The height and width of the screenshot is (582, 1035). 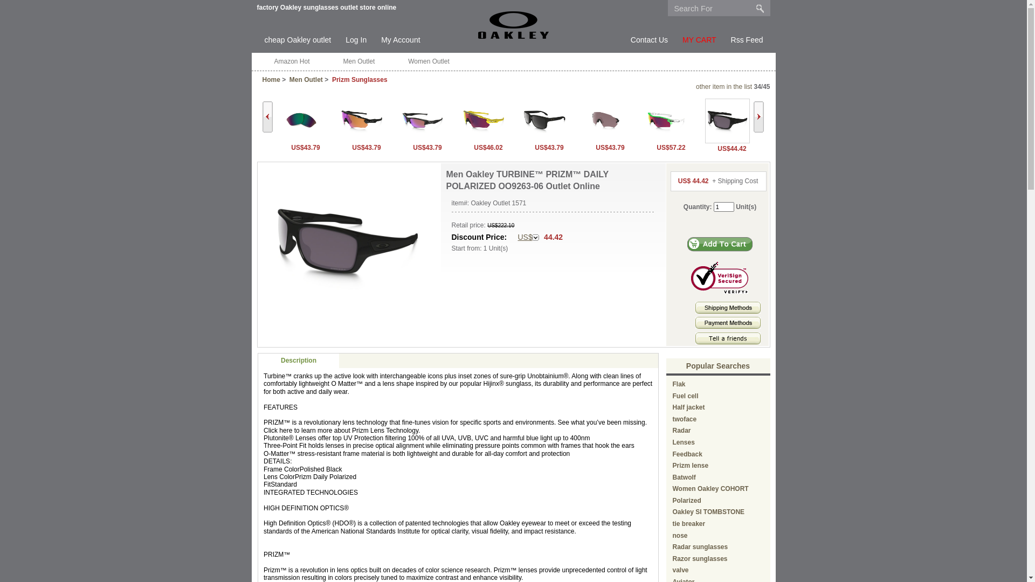 I want to click on 'cheap Oakley outlet', so click(x=298, y=39).